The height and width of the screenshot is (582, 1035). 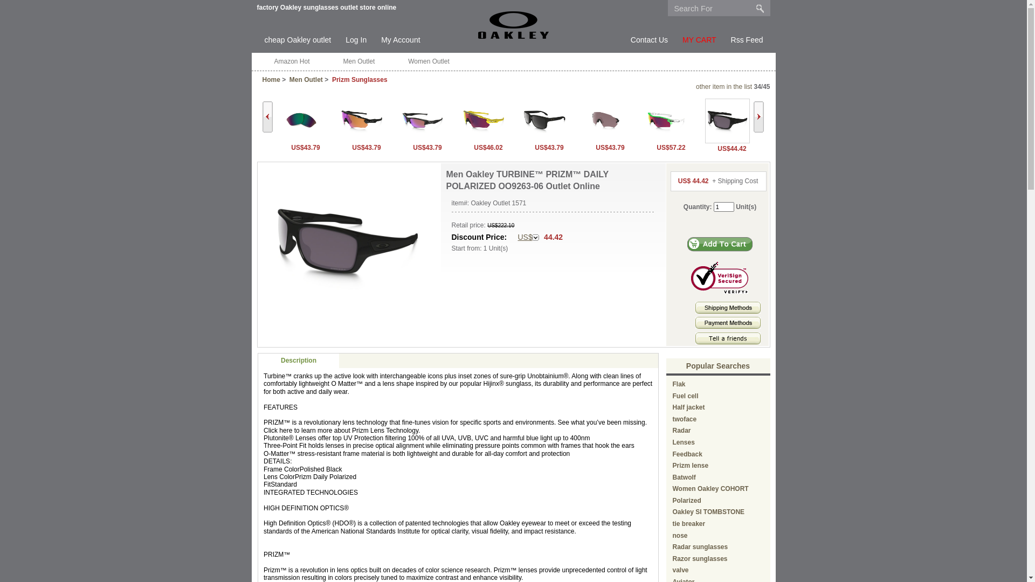 I want to click on 'cheap Oakley outlet', so click(x=298, y=39).